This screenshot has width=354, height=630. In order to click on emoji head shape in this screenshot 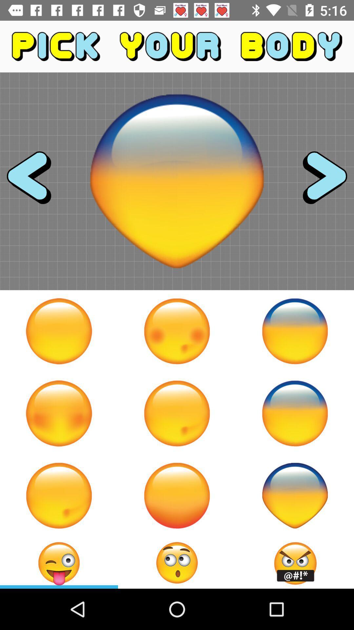, I will do `click(294, 495)`.